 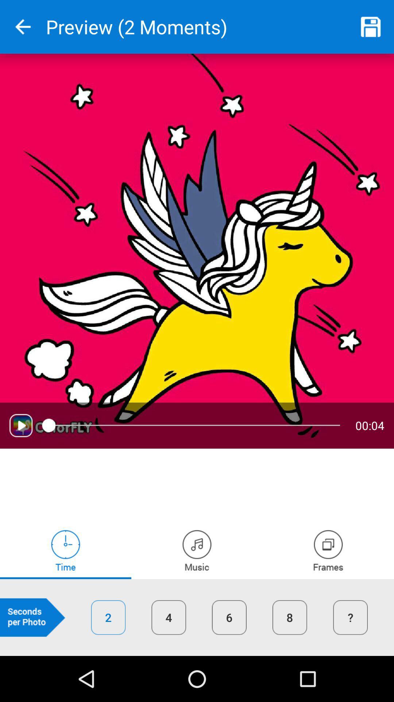 I want to click on music button, so click(x=197, y=550).